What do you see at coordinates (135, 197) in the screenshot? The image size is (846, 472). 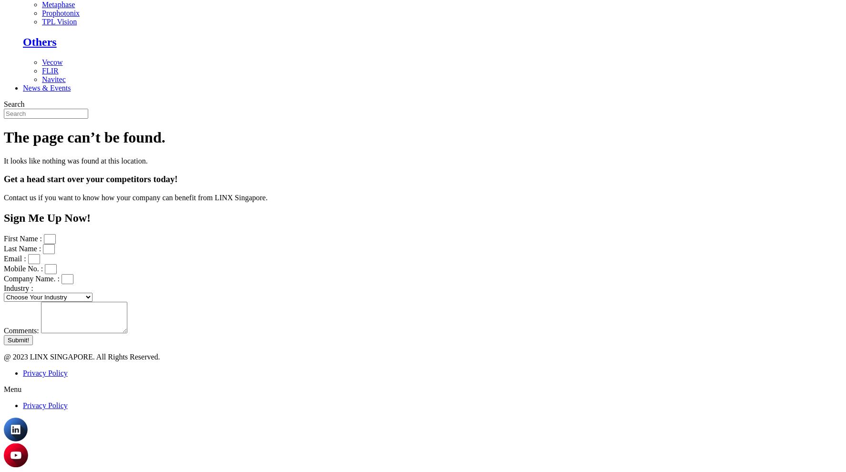 I see `'Contact us if you want to know how your company can benefit from LINX Singapore.'` at bounding box center [135, 197].